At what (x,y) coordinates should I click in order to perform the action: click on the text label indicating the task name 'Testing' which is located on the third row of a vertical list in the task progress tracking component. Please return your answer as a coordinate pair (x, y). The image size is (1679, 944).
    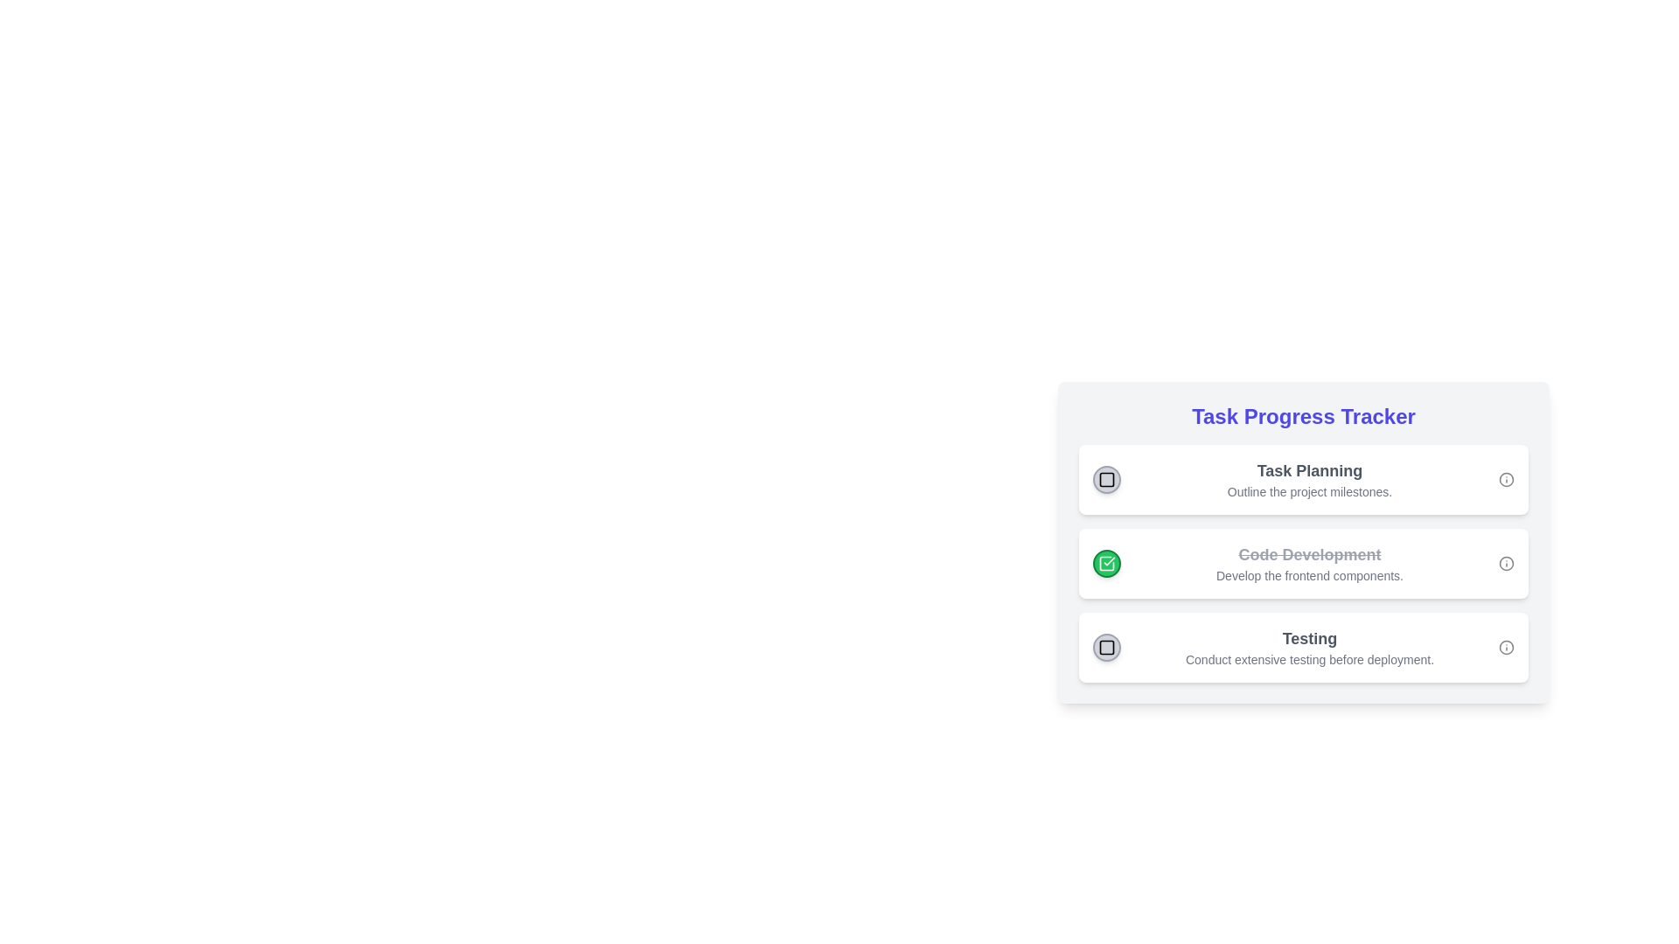
    Looking at the image, I should click on (1309, 639).